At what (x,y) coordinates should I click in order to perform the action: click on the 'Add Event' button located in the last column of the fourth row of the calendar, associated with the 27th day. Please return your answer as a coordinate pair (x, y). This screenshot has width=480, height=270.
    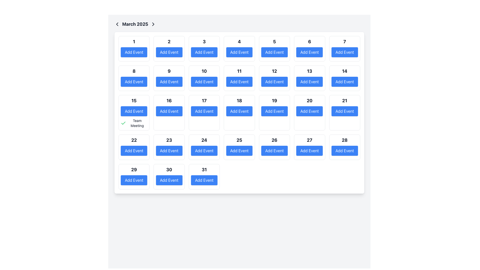
    Looking at the image, I should click on (309, 150).